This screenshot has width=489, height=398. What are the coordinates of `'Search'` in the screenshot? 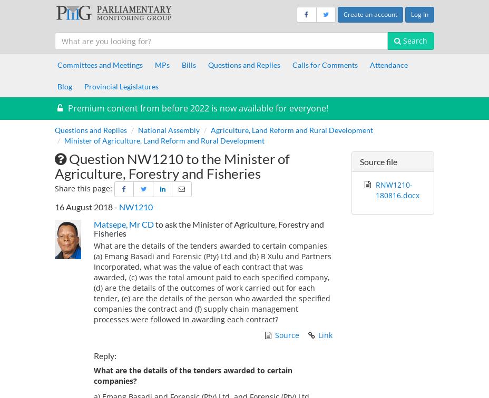 It's located at (400, 40).